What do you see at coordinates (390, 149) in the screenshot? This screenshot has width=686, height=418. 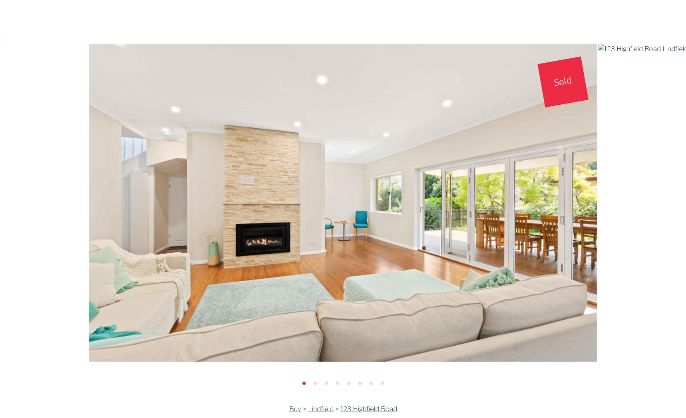 I see `'43 Marlborough Road'` at bounding box center [390, 149].